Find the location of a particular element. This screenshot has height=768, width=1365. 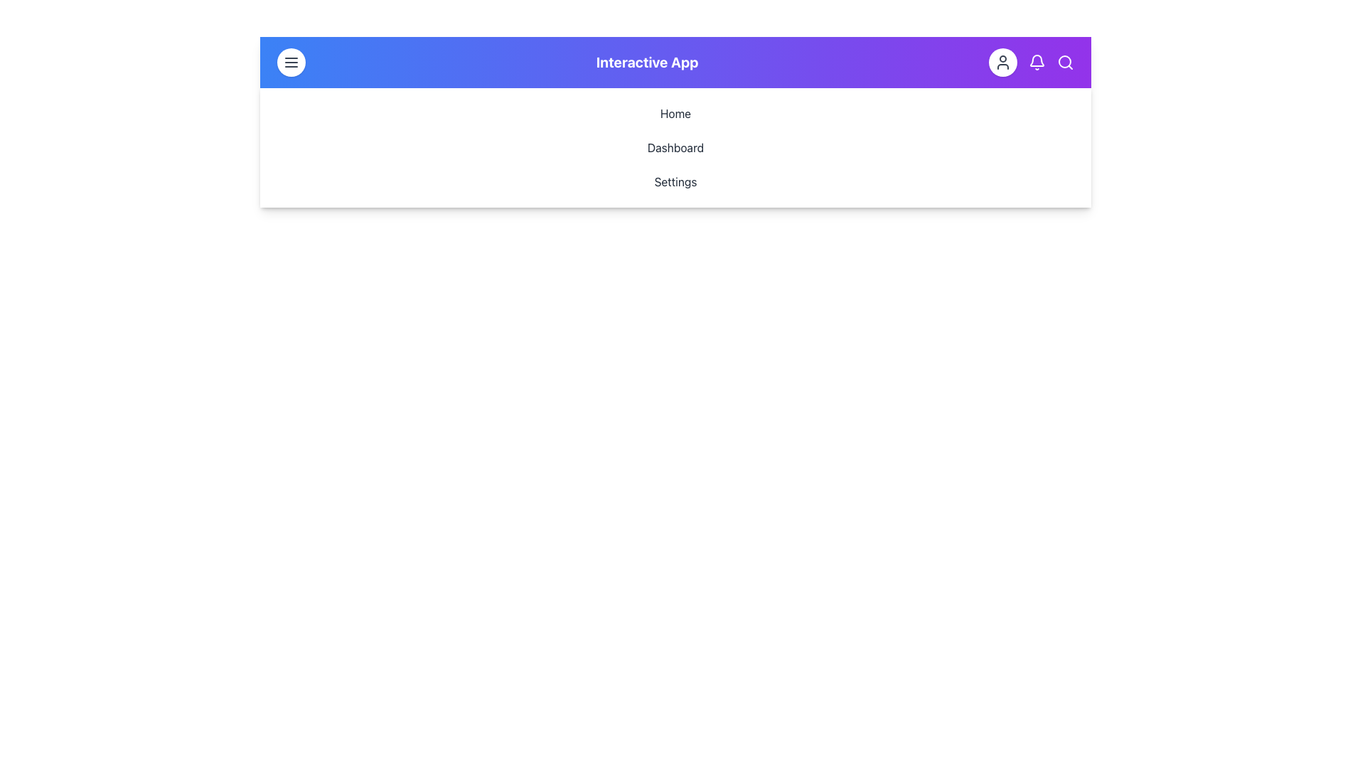

the static text element that serves as the title or branding for the application, located centrally on the navigation bar is located at coordinates (646, 62).